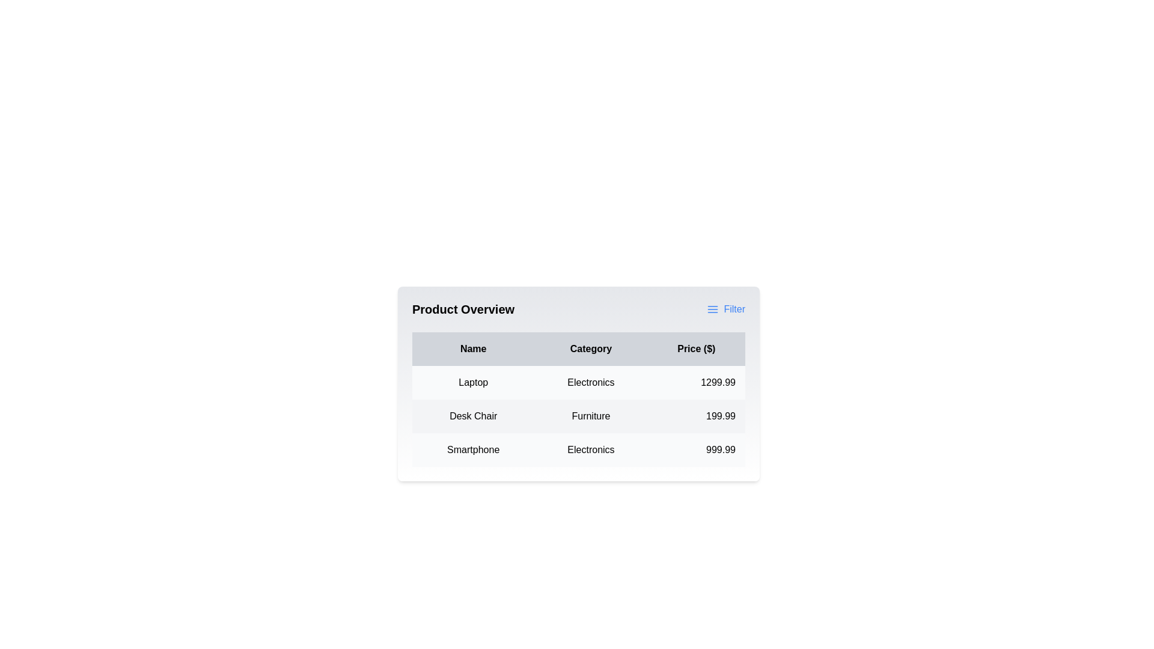 The width and height of the screenshot is (1154, 649). Describe the element at coordinates (579, 416) in the screenshot. I see `the second row in the 'Product Overview' table, which displays the product name 'Desk Chair', category 'Furniture', and price '199.99'` at that location.